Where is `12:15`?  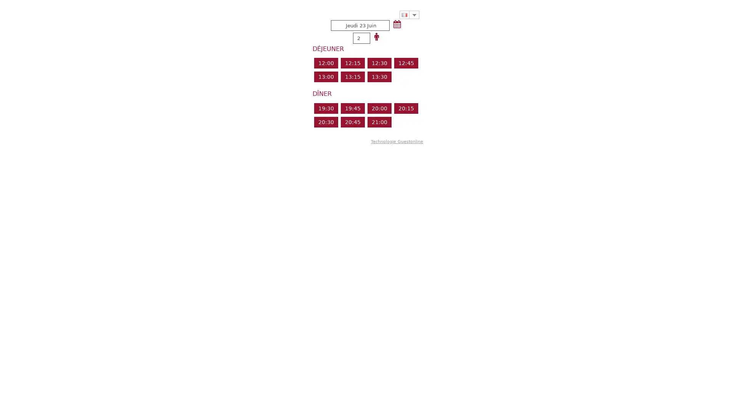
12:15 is located at coordinates (352, 62).